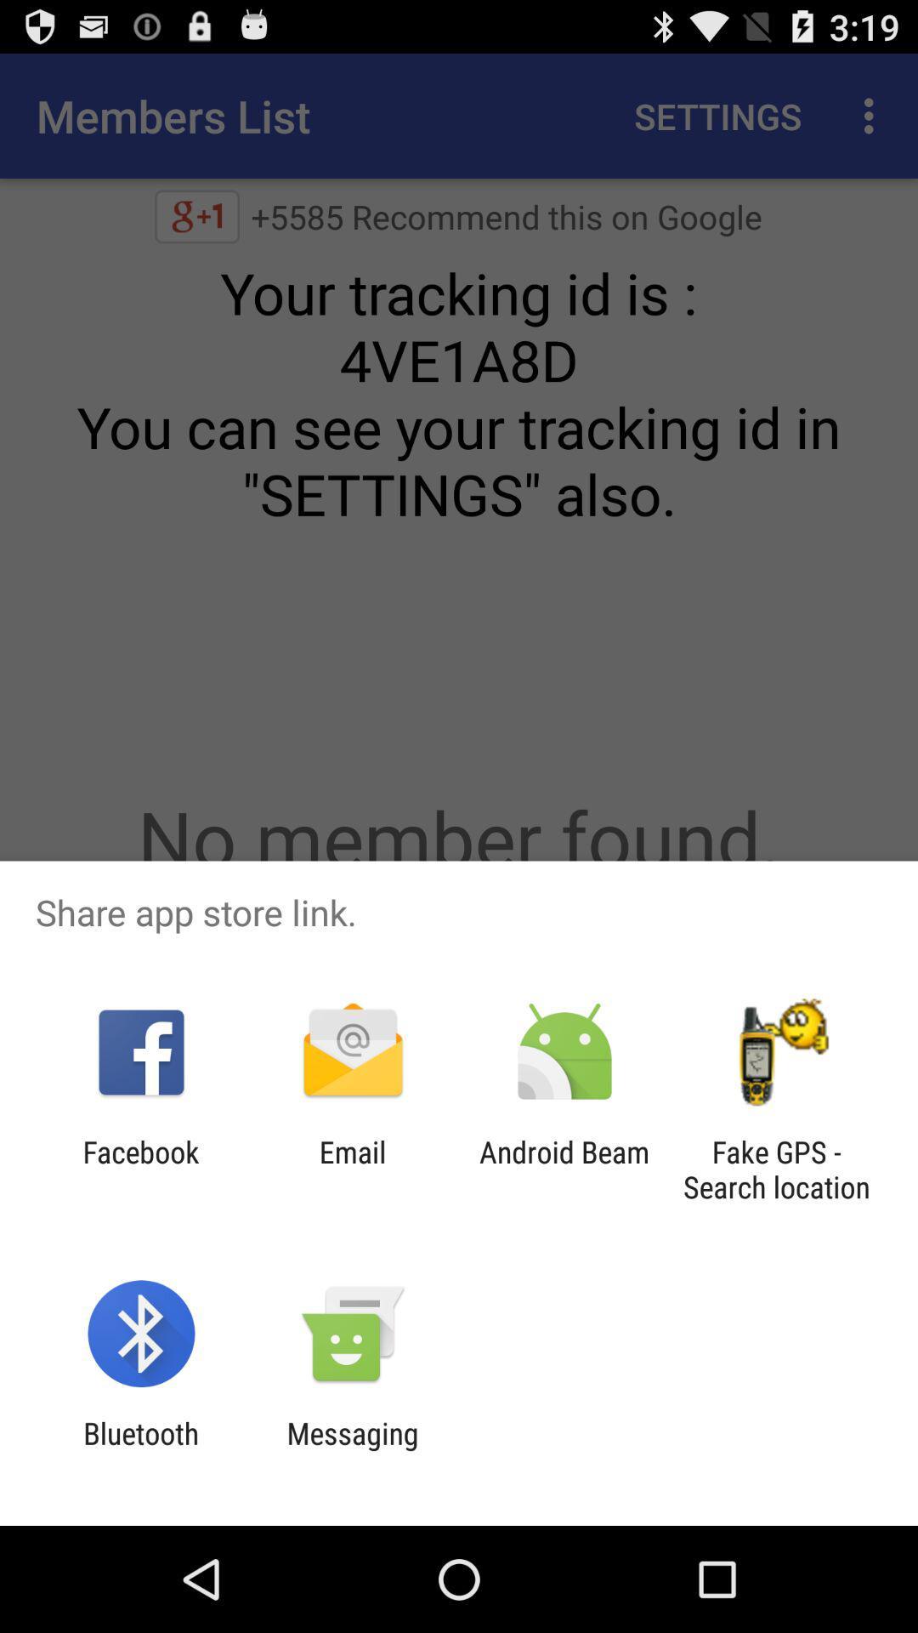 The height and width of the screenshot is (1633, 918). What do you see at coordinates (352, 1450) in the screenshot?
I see `the messaging` at bounding box center [352, 1450].